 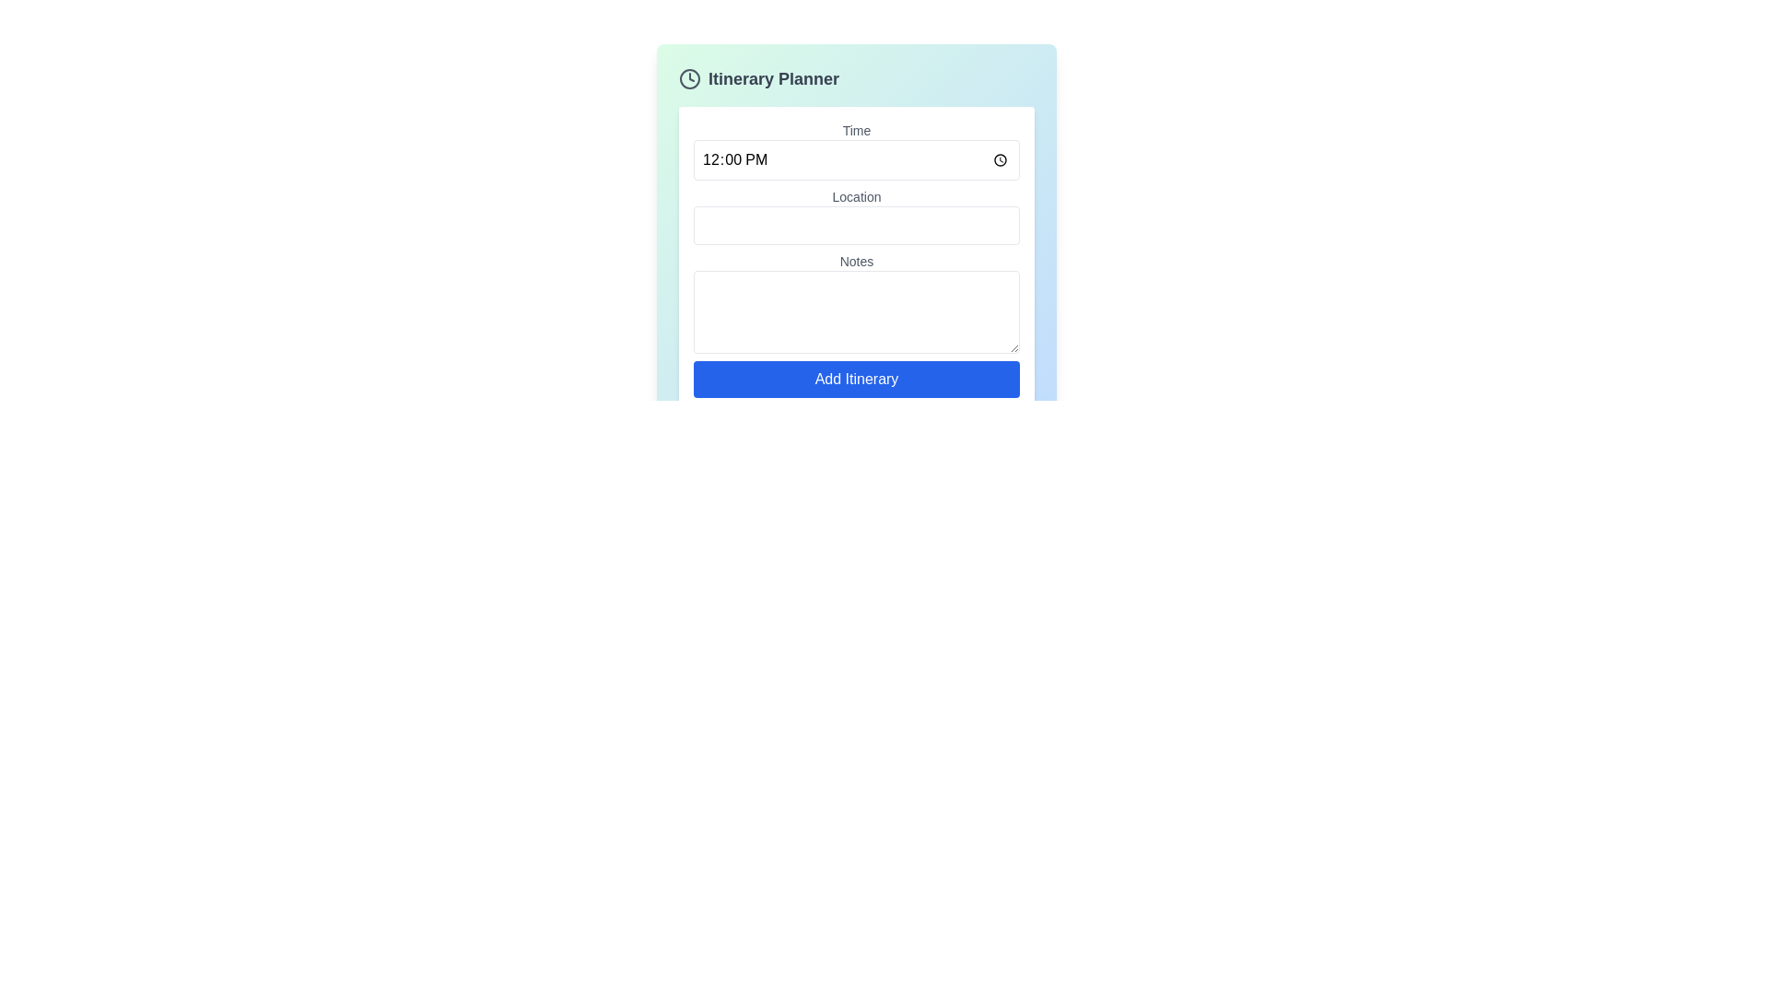 What do you see at coordinates (856, 262) in the screenshot?
I see `the third text label element which describes the text area for notes, positioned between the 'Location' label and the notes input area` at bounding box center [856, 262].